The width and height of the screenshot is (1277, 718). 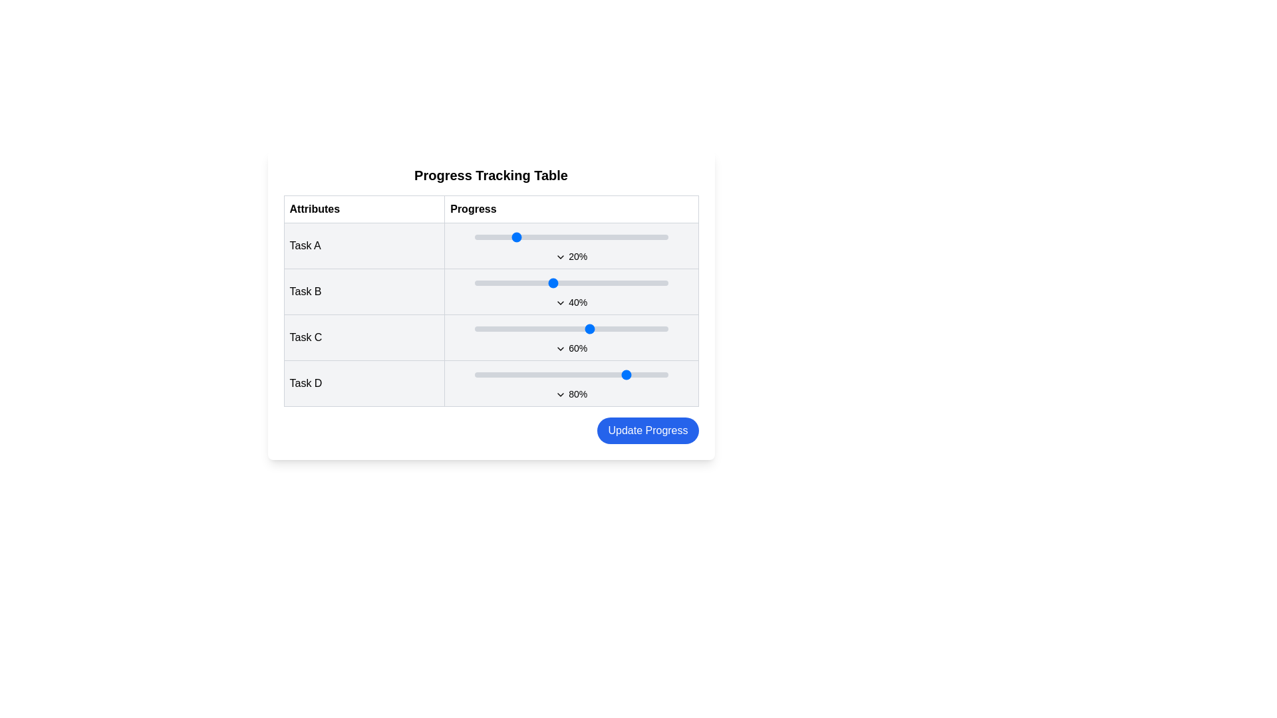 I want to click on the main tabular section of the 'Progress Tracking Table' that visually represents tasks and their progress levels, so click(x=490, y=300).